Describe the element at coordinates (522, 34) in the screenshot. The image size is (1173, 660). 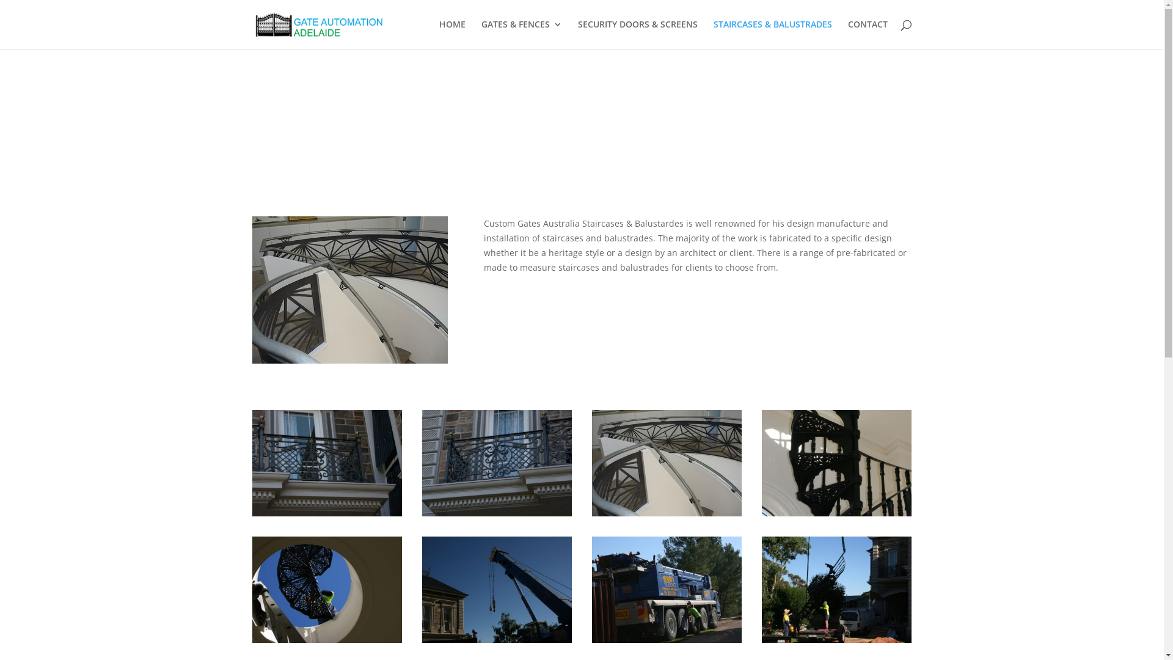
I see `'GATES & FENCES'` at that location.